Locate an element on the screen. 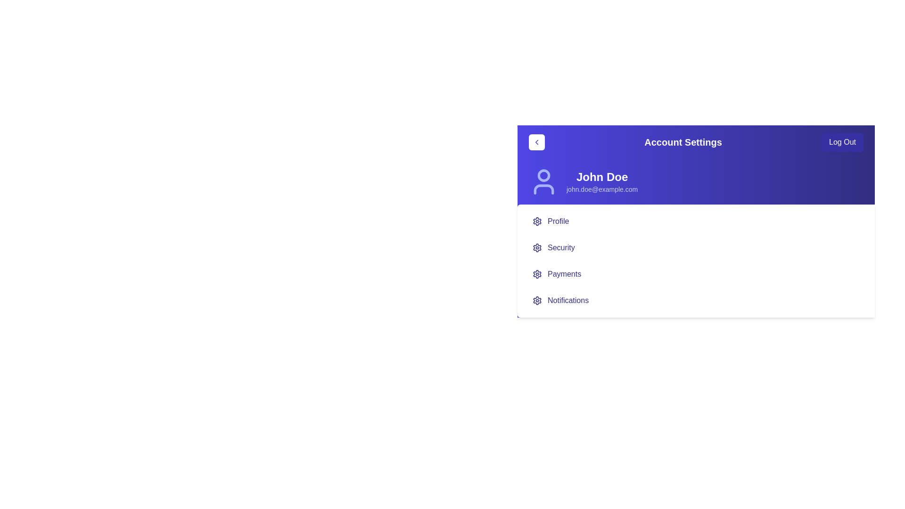 The width and height of the screenshot is (905, 509). the navigation button located in the top-left corner of the 'Account Settings' panel is located at coordinates (536, 142).